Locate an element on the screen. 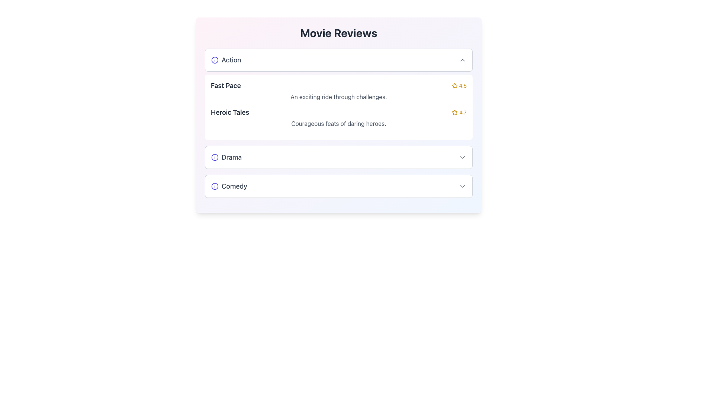 The image size is (714, 401). the static informational display element that shows the rating for 'Heroic Tales', which includes a star icon and a textual representation of the rating is located at coordinates (459, 113).